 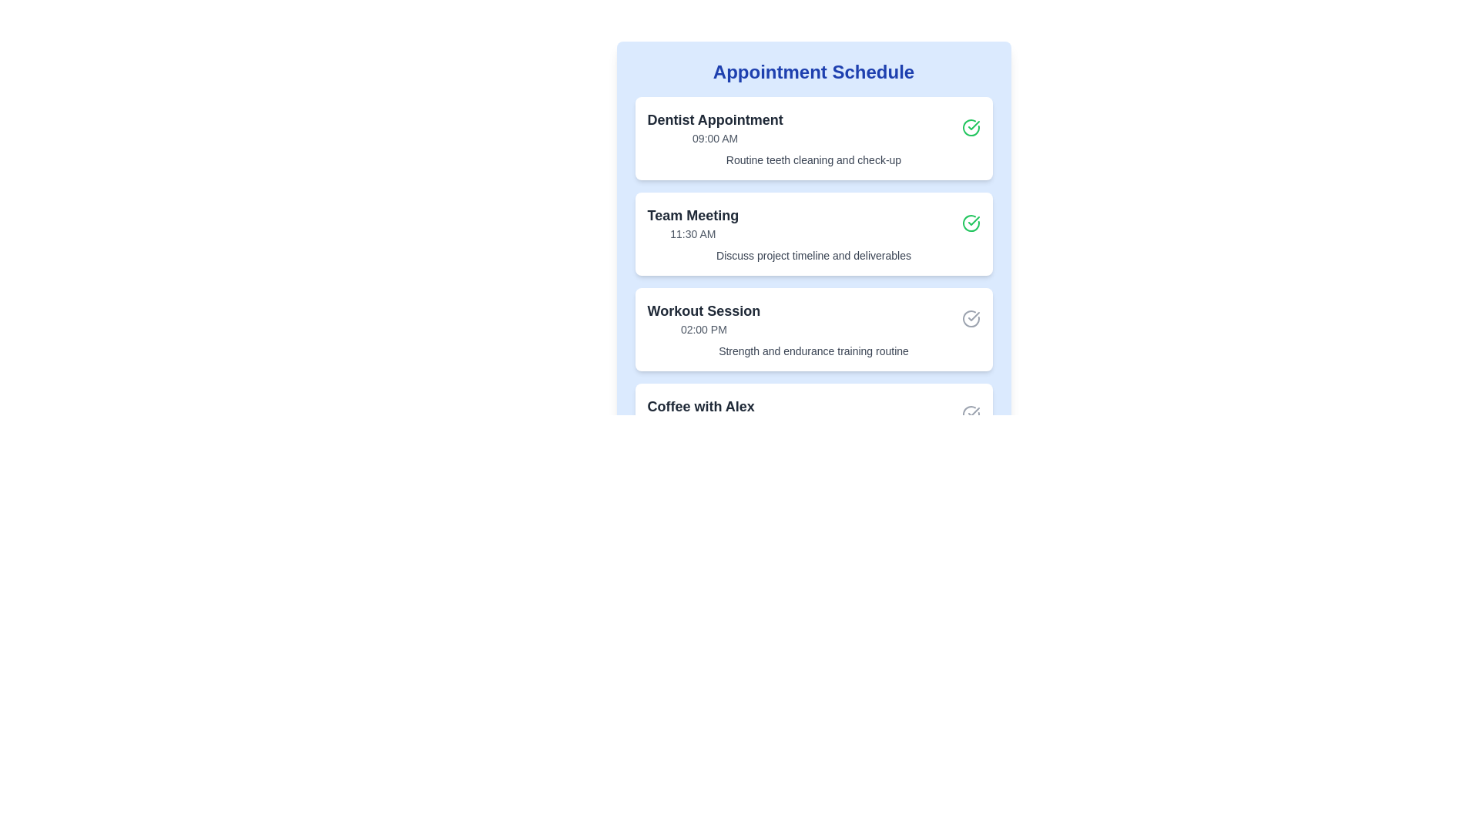 I want to click on the event or appointment card located at the bottom of the list under 'Appointment Schedule', which is the fourth item below the 'Workout Session' card, so click(x=813, y=424).